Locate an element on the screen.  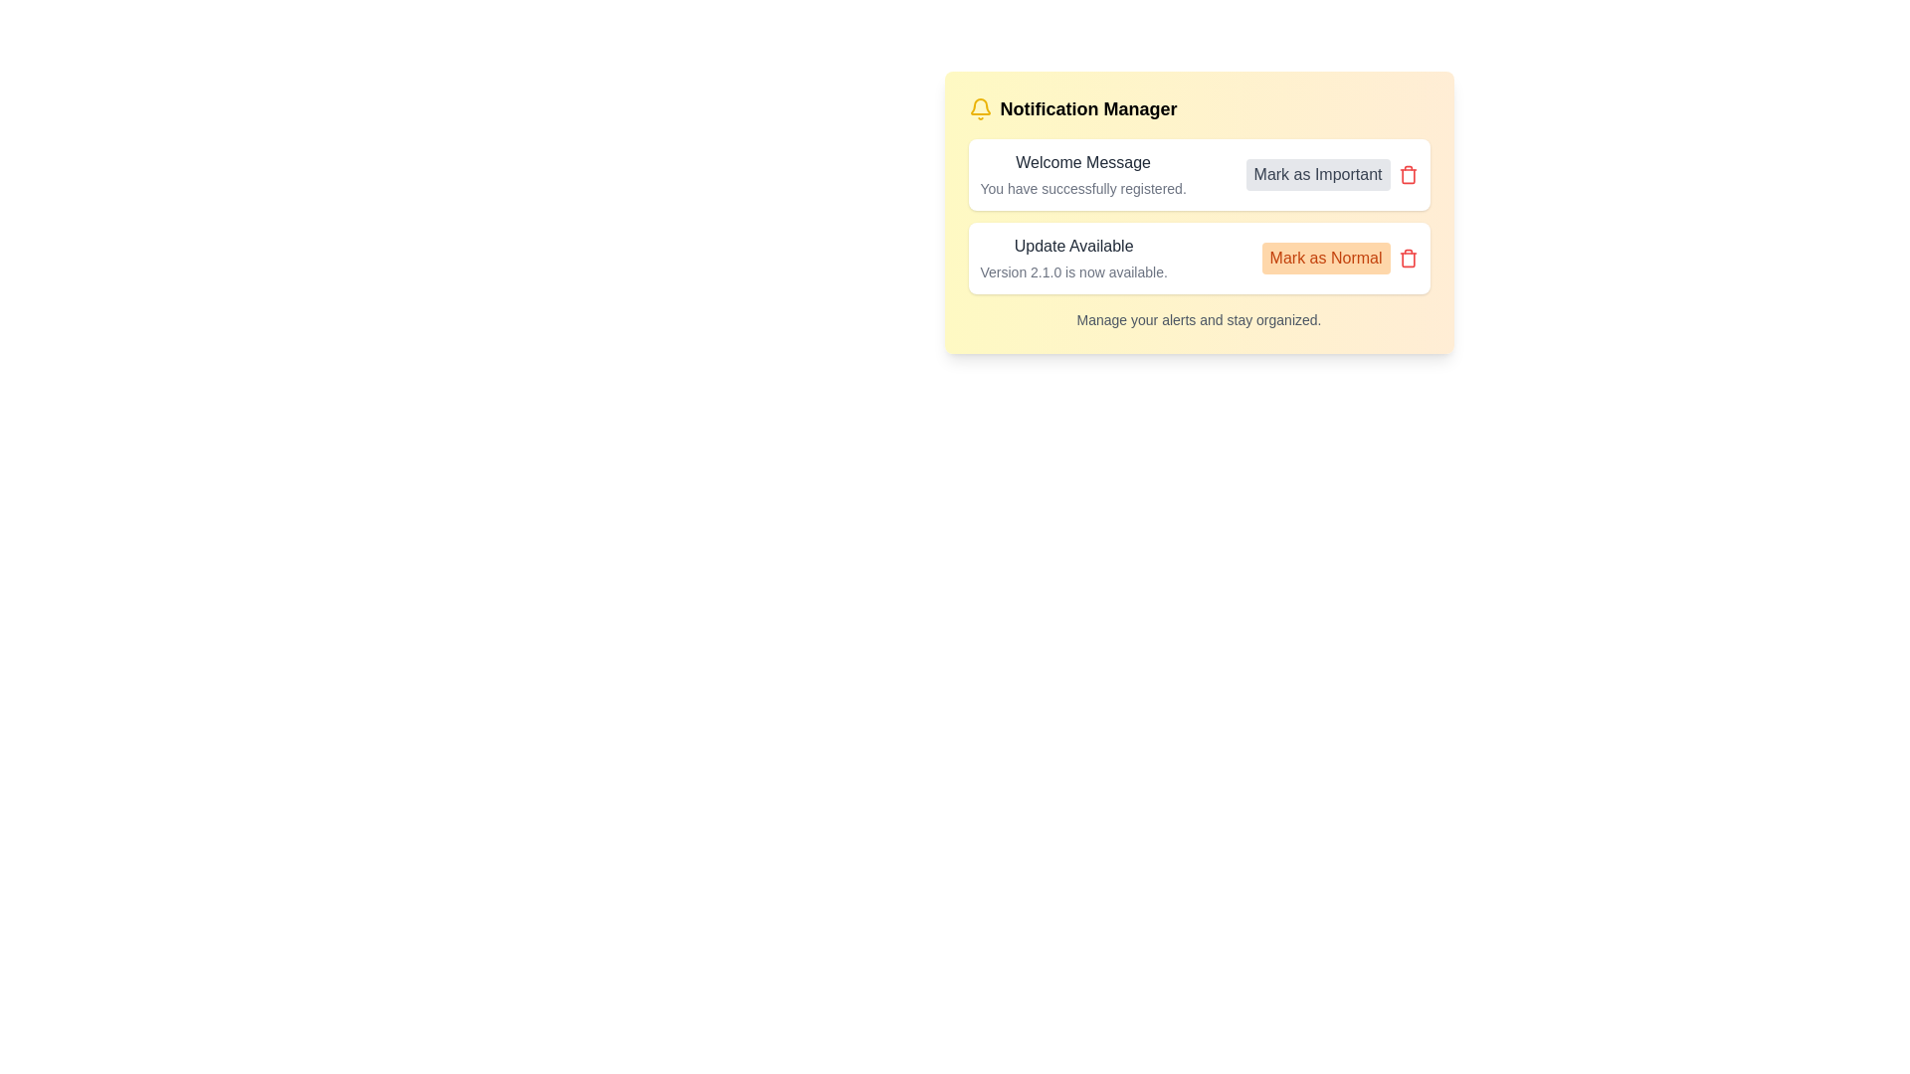
the 'Mark as Normal' button, which has a light orange background and orange text, located is located at coordinates (1340, 257).